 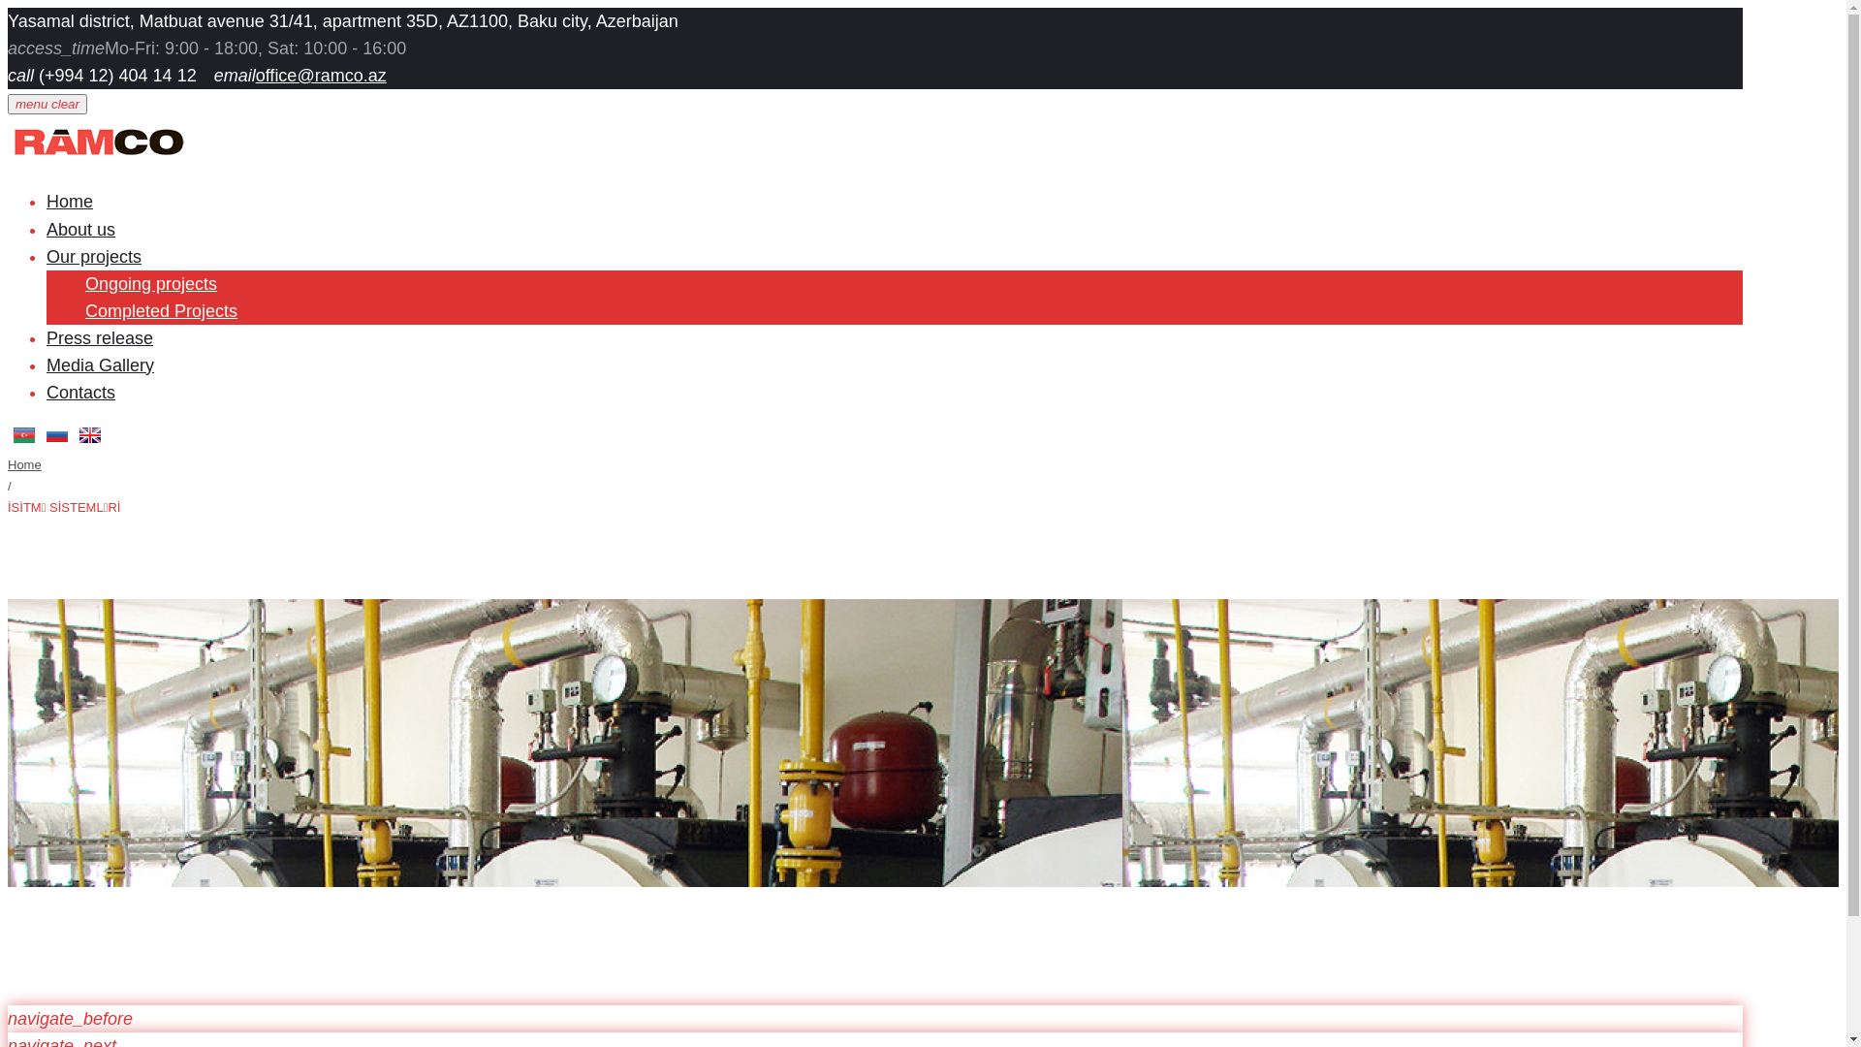 I want to click on 'Our projects', so click(x=92, y=256).